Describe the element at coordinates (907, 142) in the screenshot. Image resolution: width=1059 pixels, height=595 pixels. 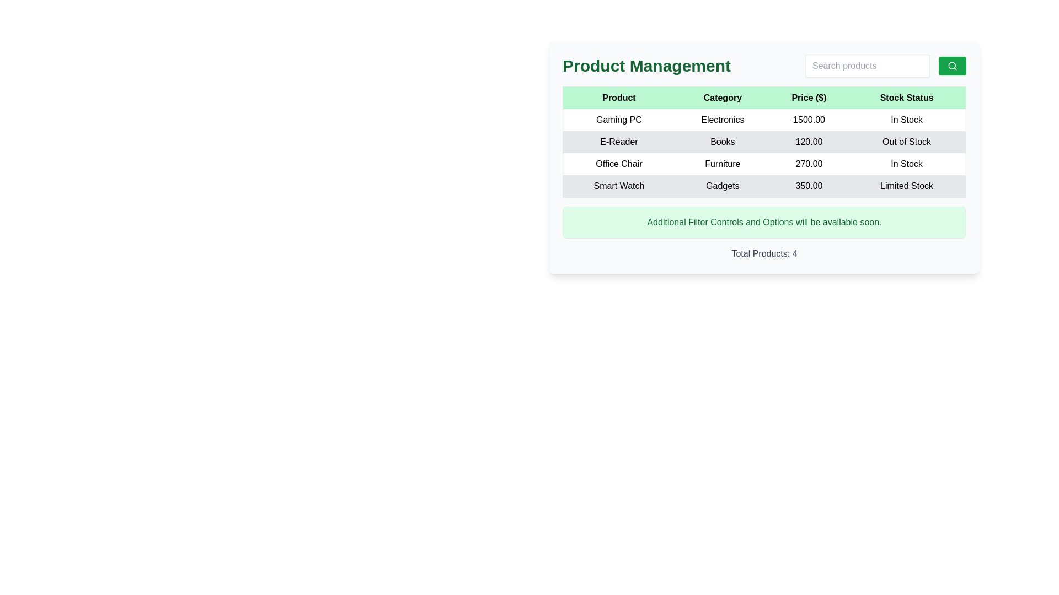
I see `the static text element in the 'Stock Status' column indicating that the E-Reader is not currently available for purchase` at that location.